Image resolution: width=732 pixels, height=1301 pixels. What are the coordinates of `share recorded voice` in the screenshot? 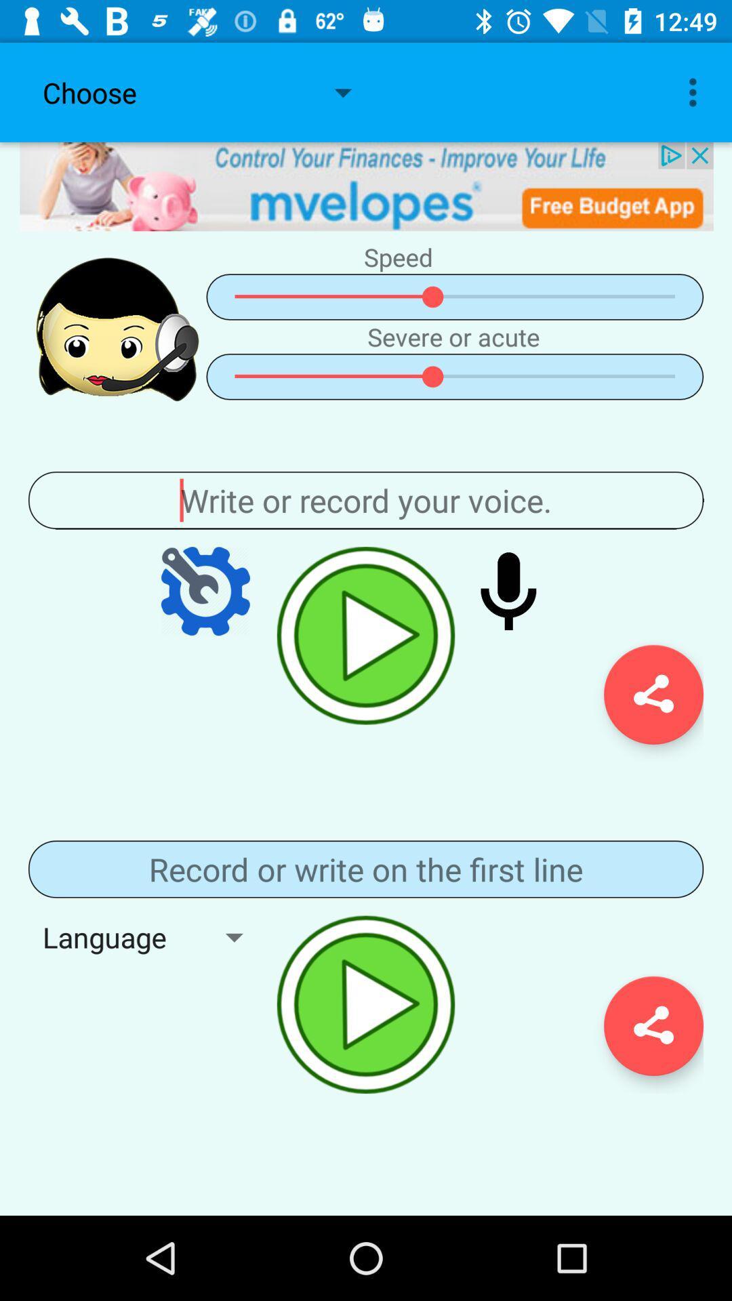 It's located at (653, 695).